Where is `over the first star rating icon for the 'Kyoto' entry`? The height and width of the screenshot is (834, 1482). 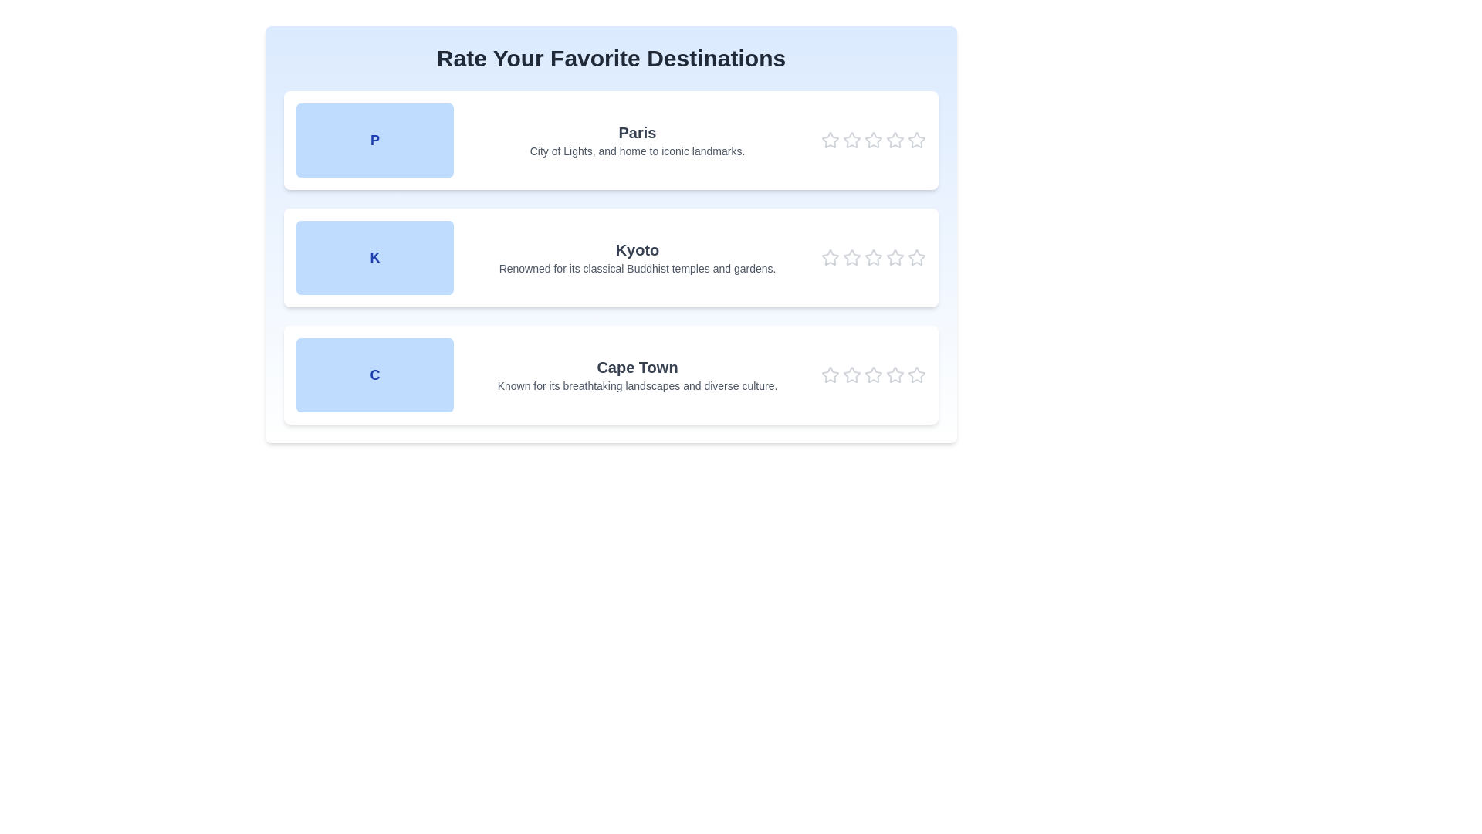 over the first star rating icon for the 'Kyoto' entry is located at coordinates (829, 256).